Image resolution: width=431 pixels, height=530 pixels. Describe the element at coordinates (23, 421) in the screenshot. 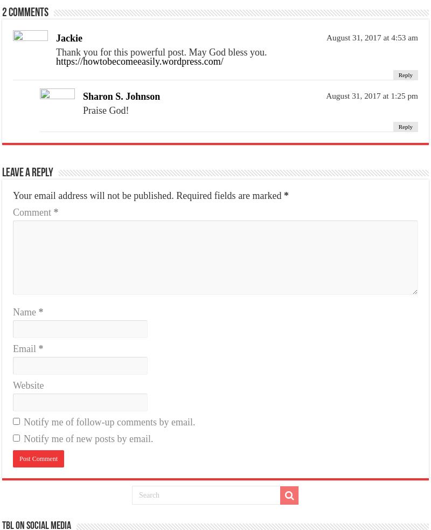

I see `'Notify me of follow-up comments by email.'` at that location.